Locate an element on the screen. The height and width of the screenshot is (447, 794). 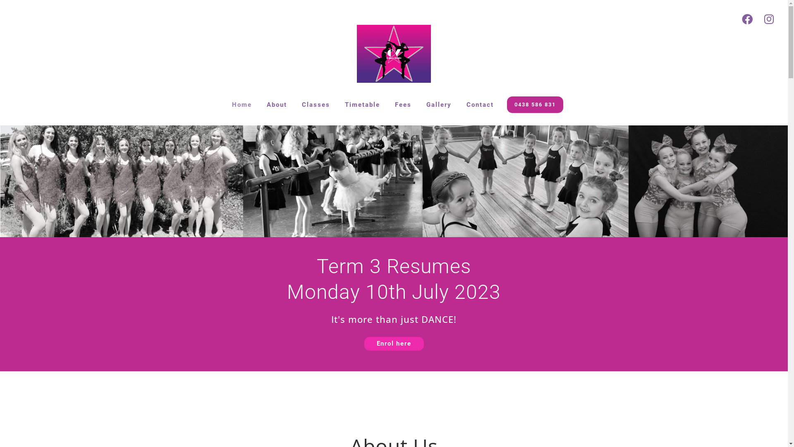
'Contact' is located at coordinates (480, 104).